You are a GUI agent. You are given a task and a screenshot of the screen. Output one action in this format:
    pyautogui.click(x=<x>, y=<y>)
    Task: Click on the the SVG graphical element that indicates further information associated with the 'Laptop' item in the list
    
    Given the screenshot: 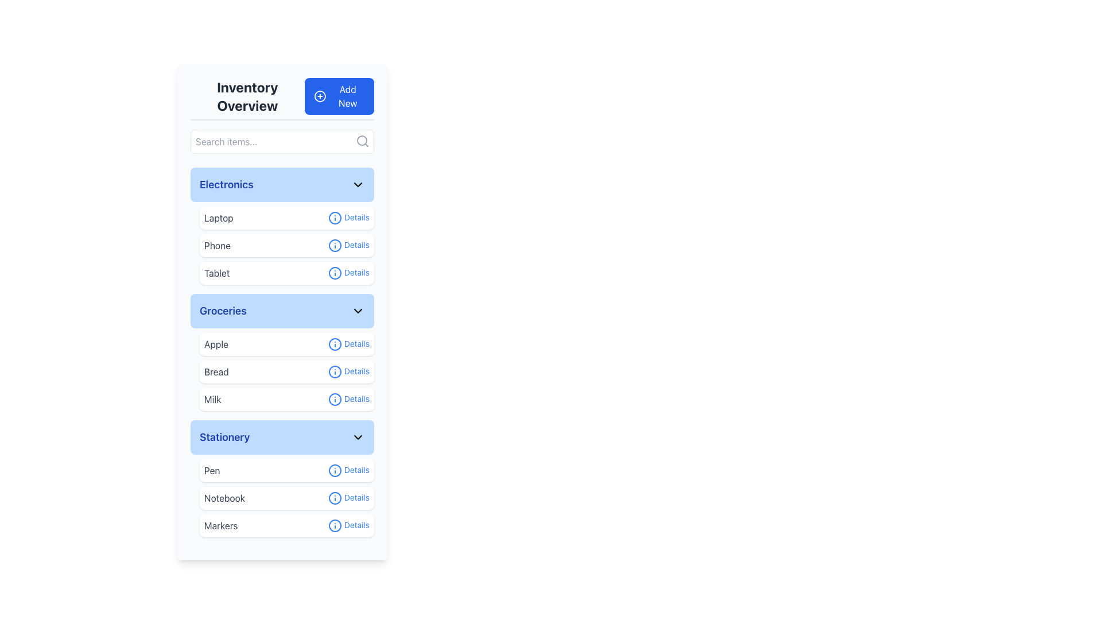 What is the action you would take?
    pyautogui.click(x=334, y=218)
    